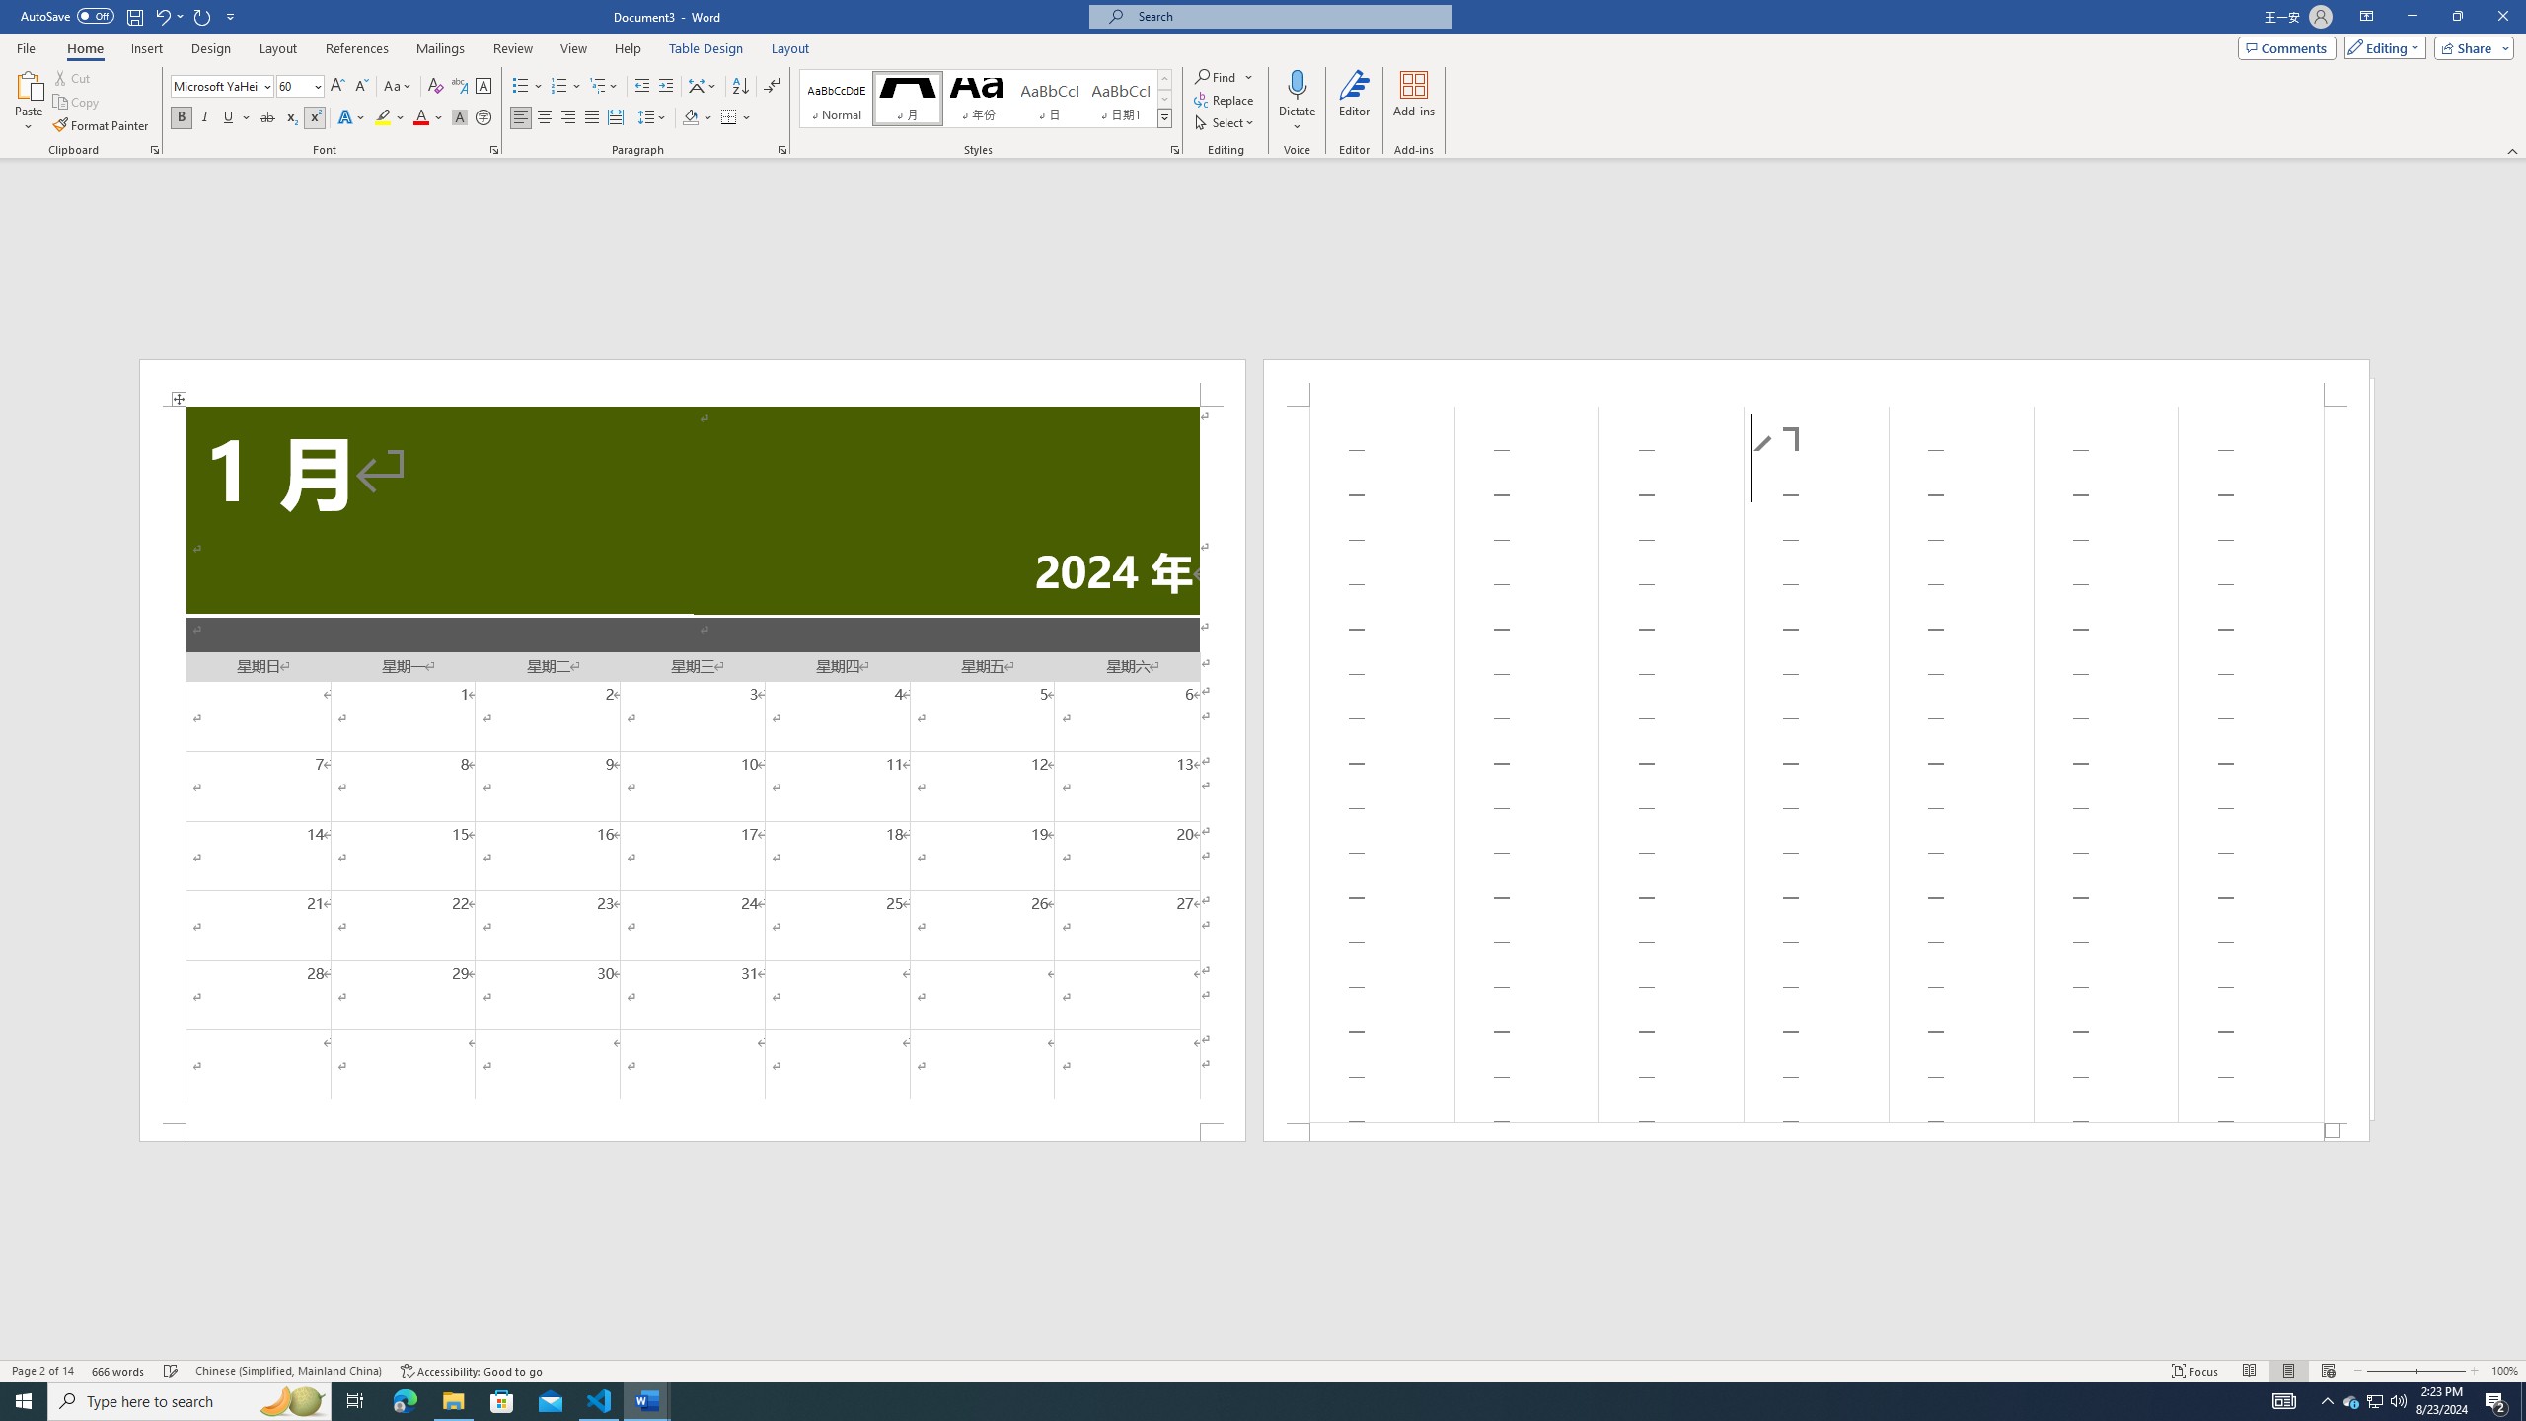 Image resolution: width=2526 pixels, height=1421 pixels. Describe the element at coordinates (692, 763) in the screenshot. I see `'Page 1 content'` at that location.